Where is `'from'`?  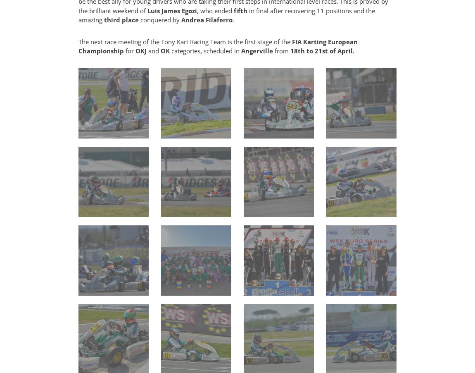
'from' is located at coordinates (281, 51).